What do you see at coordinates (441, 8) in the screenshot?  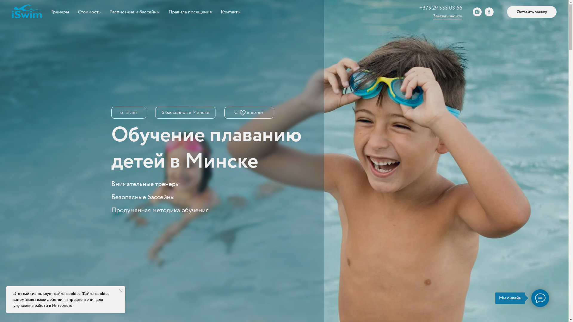 I see `'+375 29 333 03 66'` at bounding box center [441, 8].